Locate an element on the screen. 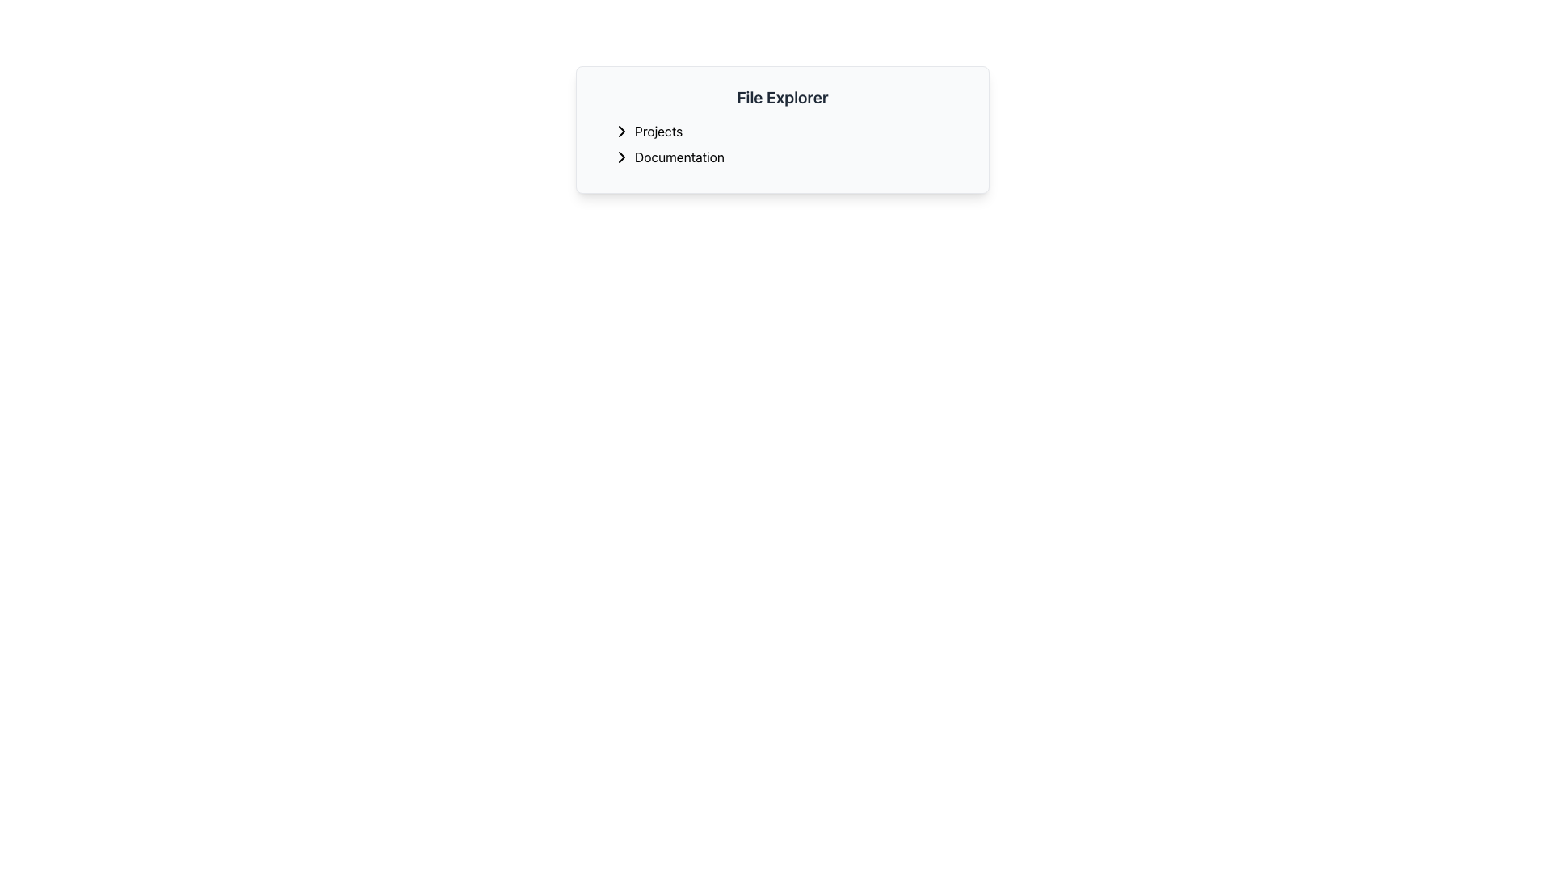 Image resolution: width=1551 pixels, height=872 pixels. the text label located in the second row of the list items within the light gray panel is located at coordinates (679, 157).